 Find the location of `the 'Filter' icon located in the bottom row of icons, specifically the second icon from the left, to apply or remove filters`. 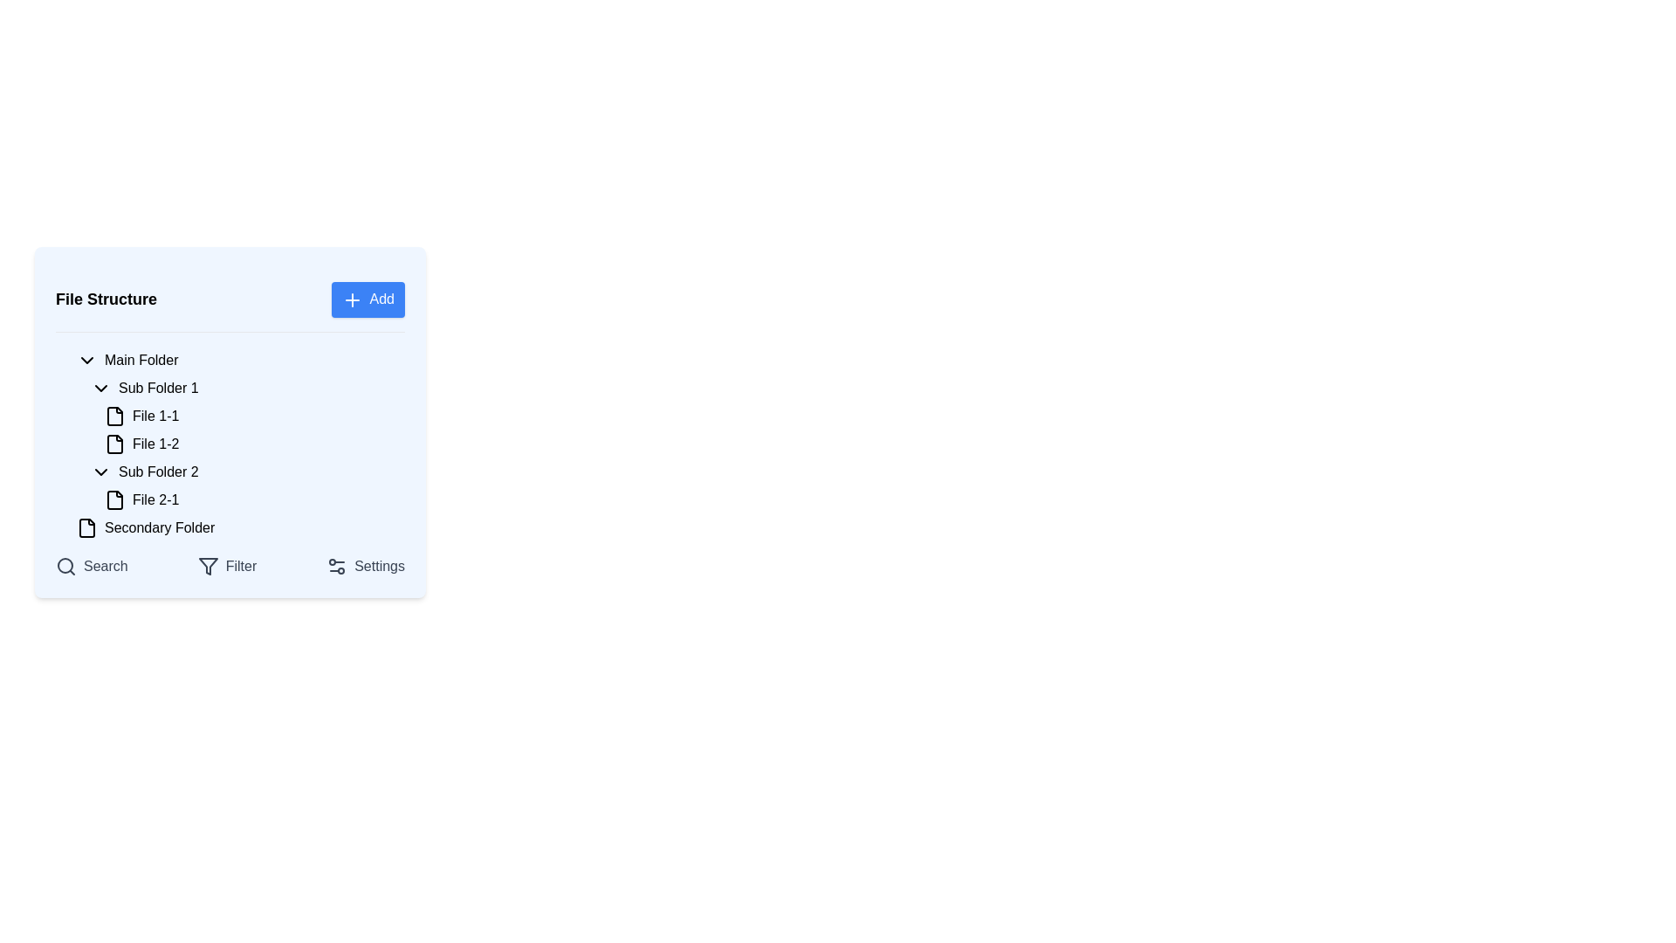

the 'Filter' icon located in the bottom row of icons, specifically the second icon from the left, to apply or remove filters is located at coordinates (208, 566).